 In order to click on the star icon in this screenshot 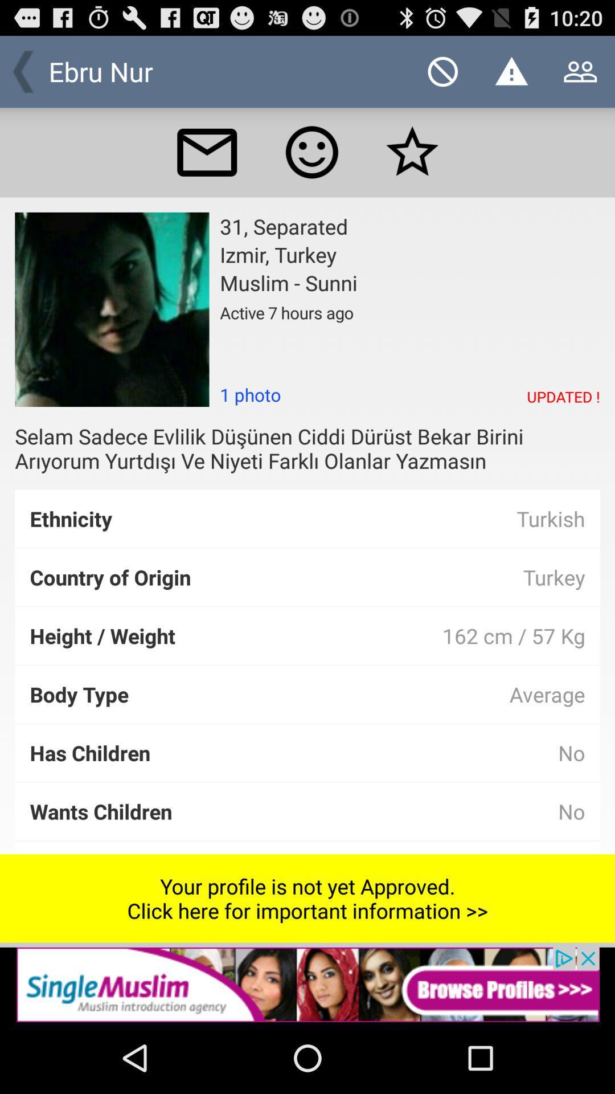, I will do `click(412, 162)`.